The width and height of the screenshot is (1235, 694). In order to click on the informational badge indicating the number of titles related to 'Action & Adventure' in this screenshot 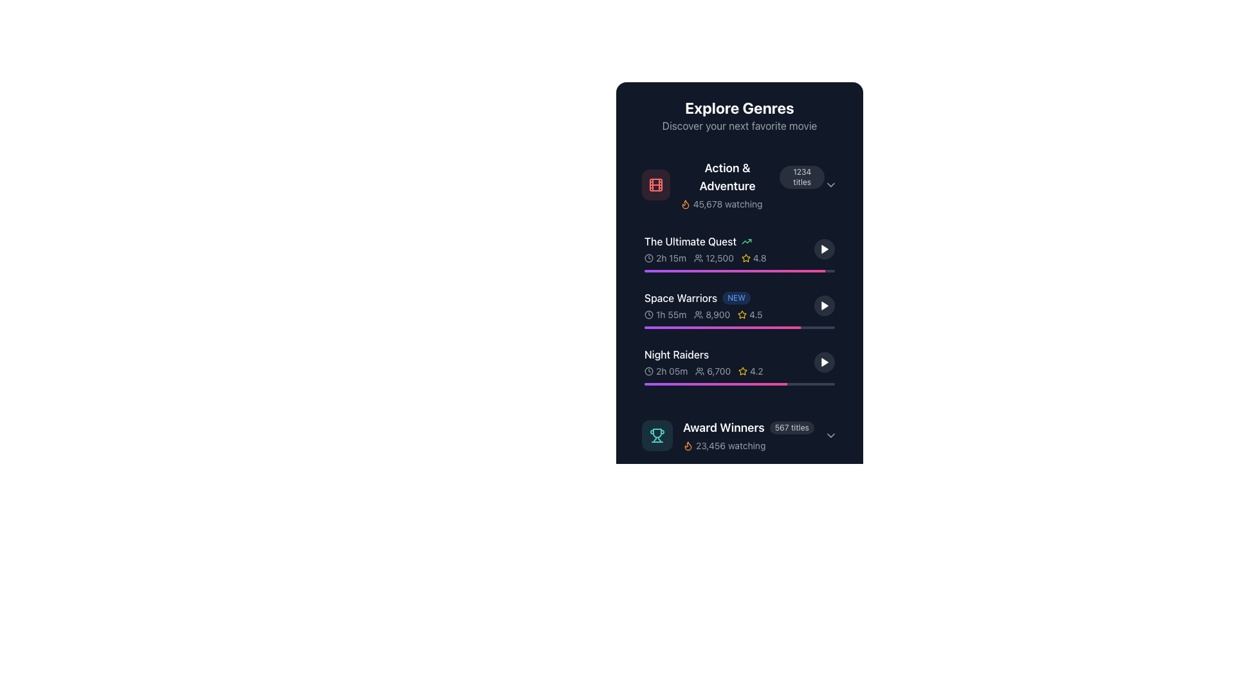, I will do `click(801, 177)`.